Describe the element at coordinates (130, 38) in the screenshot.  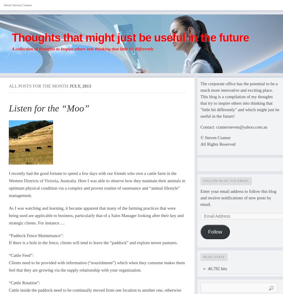
I see `'Thoughts that might just be useful in the future'` at that location.